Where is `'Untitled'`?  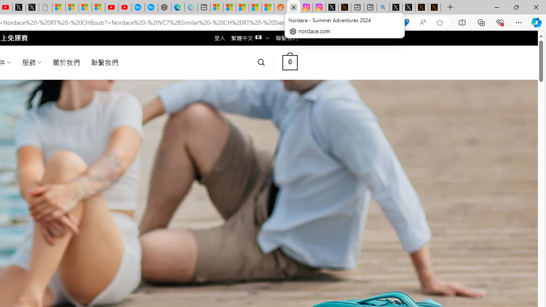
'Untitled' is located at coordinates (45, 7).